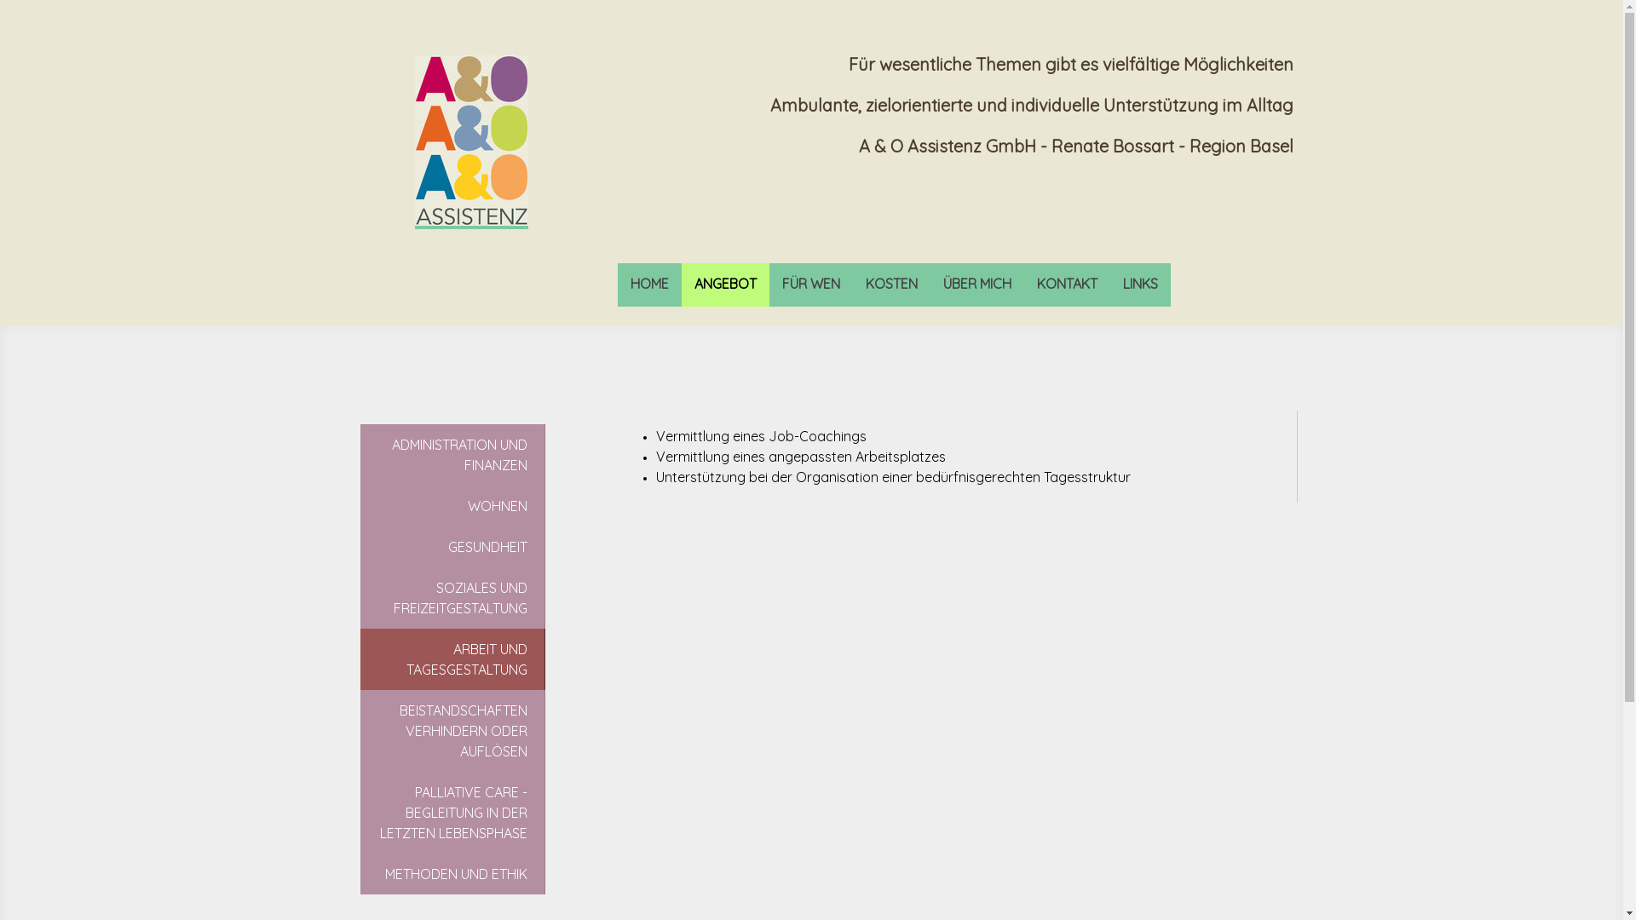 The image size is (1636, 920). I want to click on 'METHODEN UND ETHIK', so click(359, 874).